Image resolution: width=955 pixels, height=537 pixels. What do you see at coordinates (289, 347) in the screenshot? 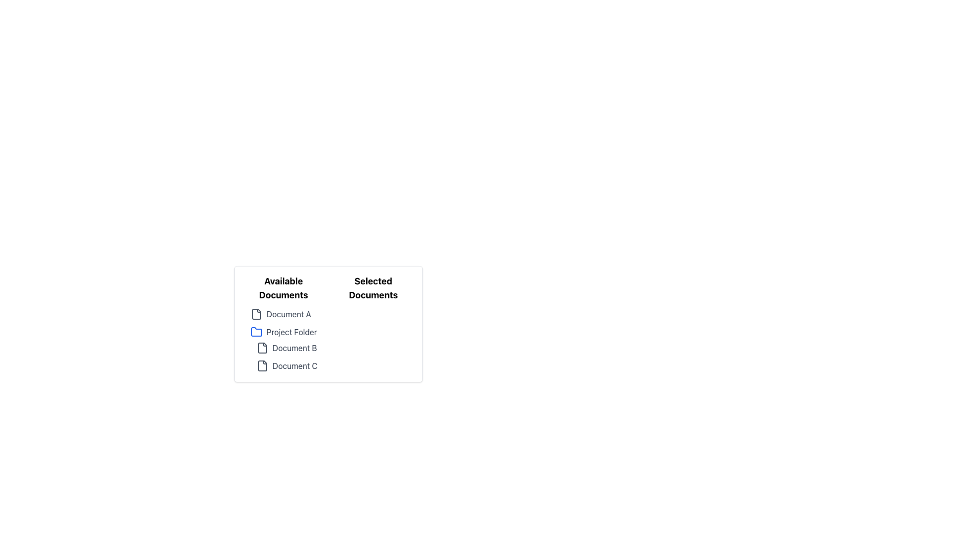
I see `to select the List item labeled 'Document B' in the 'Available Documents' column, which is the third item in the list` at bounding box center [289, 347].